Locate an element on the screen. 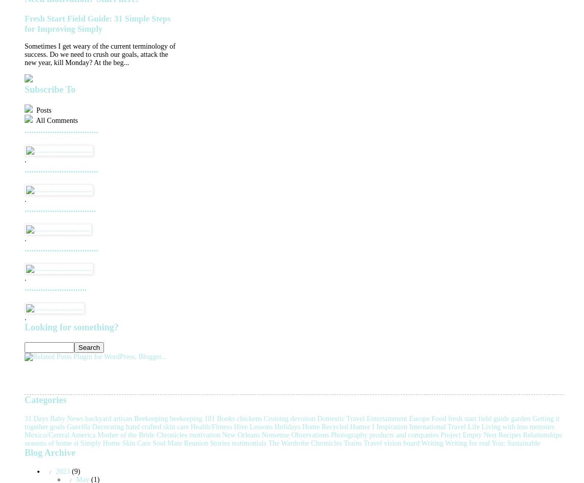 Image resolution: width=584 pixels, height=483 pixels. 'You: Sustainable' is located at coordinates (515, 443).